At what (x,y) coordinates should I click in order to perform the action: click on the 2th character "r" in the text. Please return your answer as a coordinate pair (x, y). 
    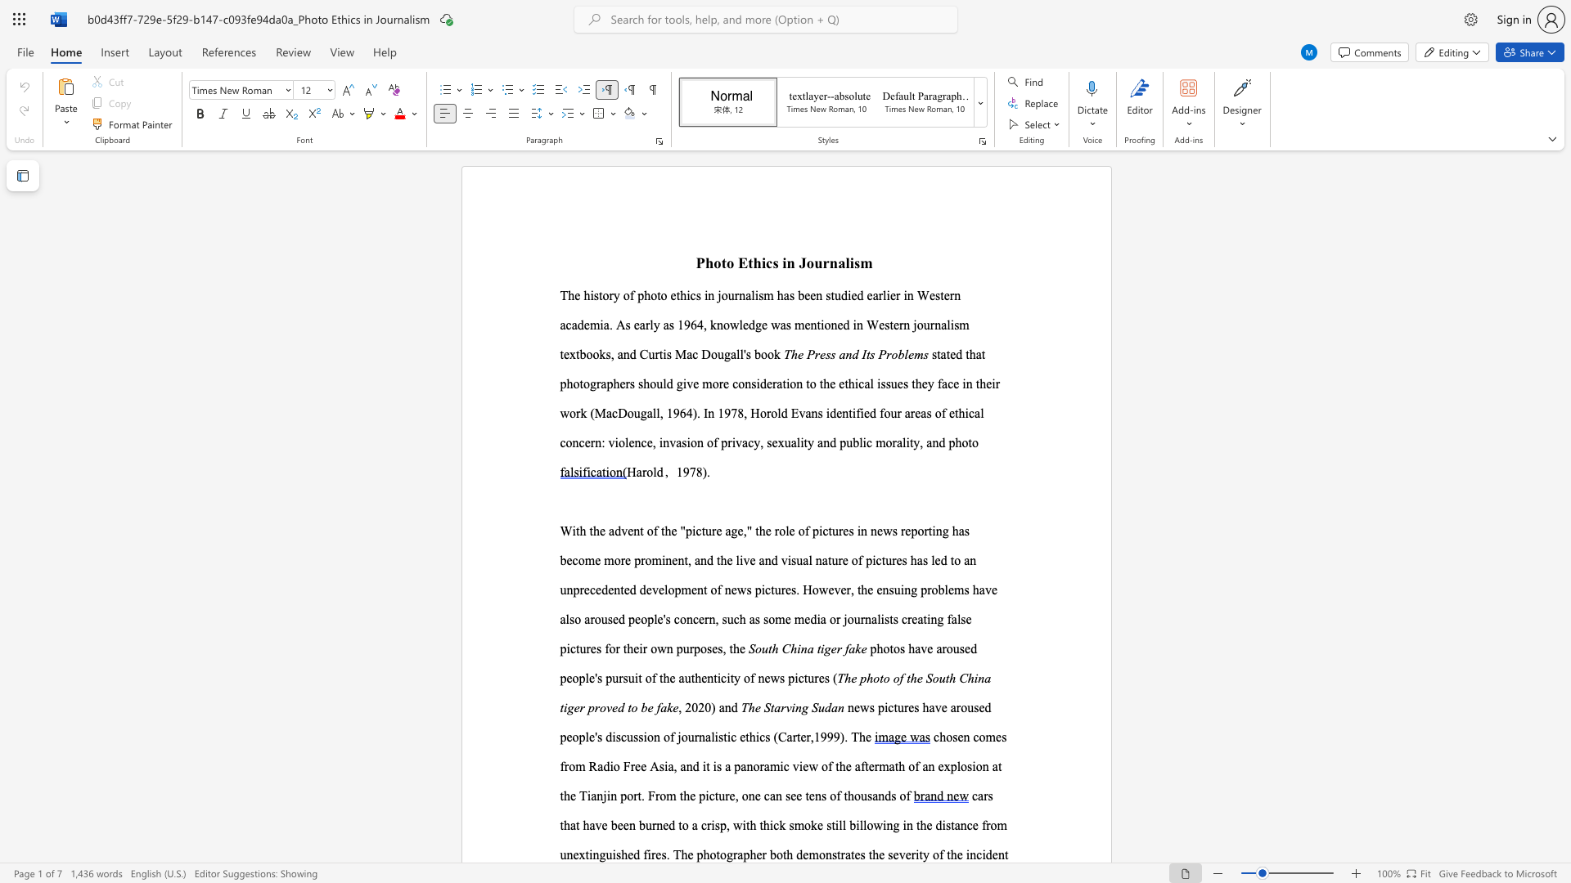
    Looking at the image, I should click on (763, 854).